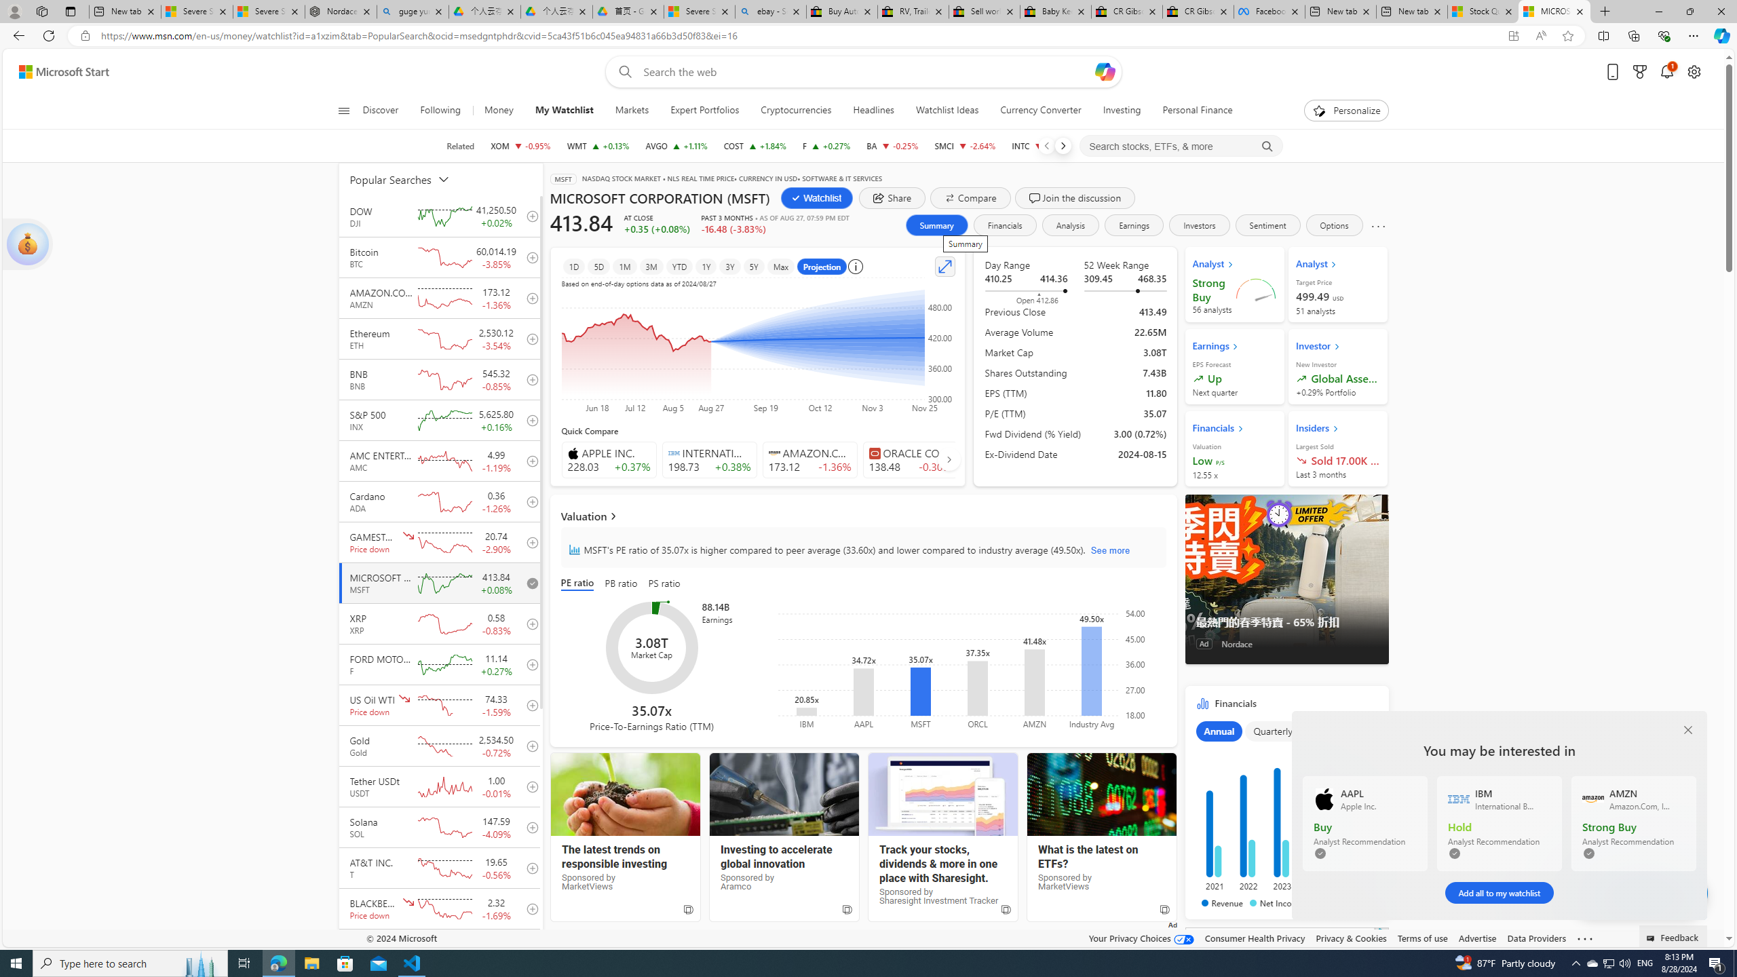 This screenshot has height=977, width=1737. What do you see at coordinates (892, 145) in the screenshot?
I see `'BA THE BOEING COMPANY decrease 173.05 -0.43 -0.25%'` at bounding box center [892, 145].